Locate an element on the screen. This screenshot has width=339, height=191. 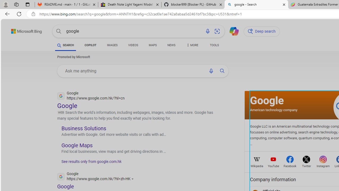
'google - Search' is located at coordinates (256, 5).